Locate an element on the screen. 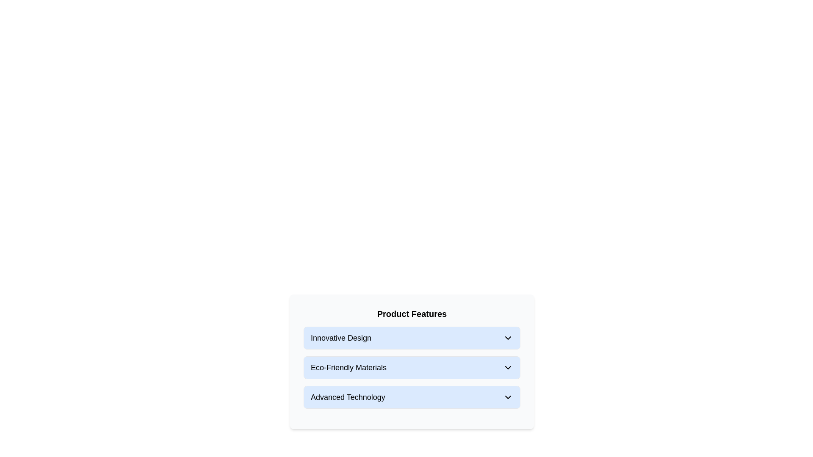  text content of the informative text label located in the third row of a list, positioned between the 'Eco-Friendly Materials' row and the bottom edge of the section is located at coordinates (348, 397).